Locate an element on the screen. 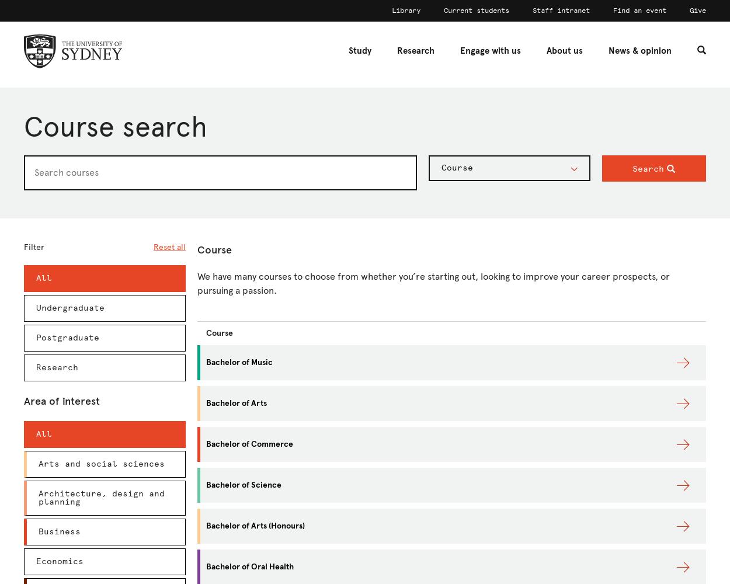  'Bachelor of Arts (Honours)' is located at coordinates (255, 526).